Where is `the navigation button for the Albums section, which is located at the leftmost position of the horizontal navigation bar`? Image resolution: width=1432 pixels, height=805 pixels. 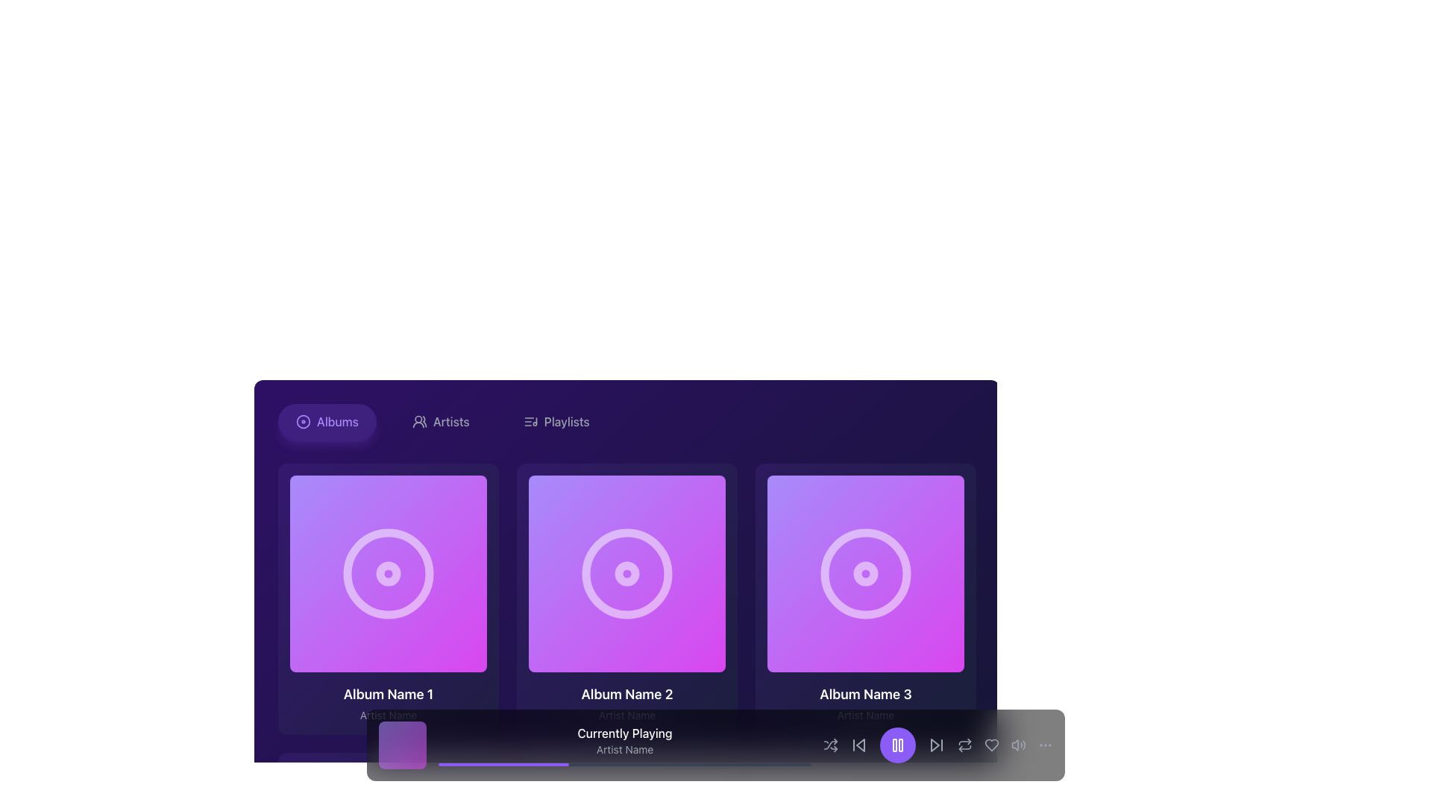
the navigation button for the Albums section, which is located at the leftmost position of the horizontal navigation bar is located at coordinates (326, 422).